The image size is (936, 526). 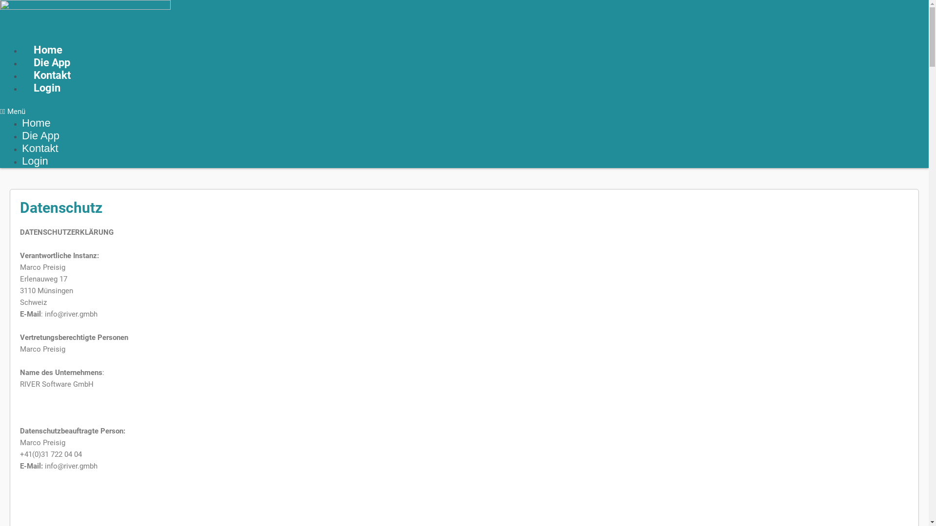 I want to click on 'Login', so click(x=46, y=88).